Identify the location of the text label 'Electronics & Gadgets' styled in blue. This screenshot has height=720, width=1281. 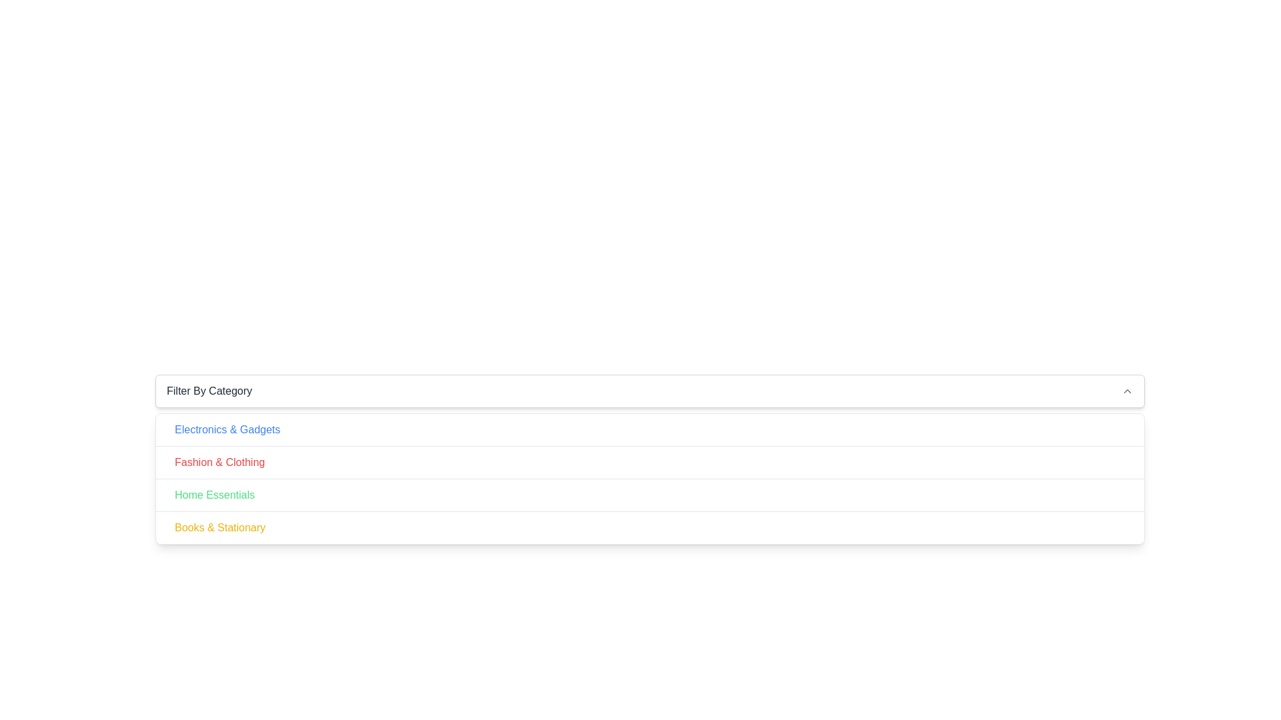
(228, 429).